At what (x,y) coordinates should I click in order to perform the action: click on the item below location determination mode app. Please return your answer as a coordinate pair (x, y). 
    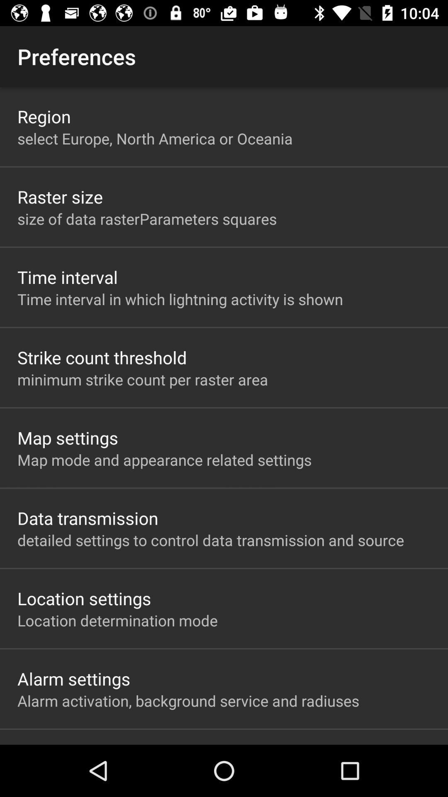
    Looking at the image, I should click on (73, 679).